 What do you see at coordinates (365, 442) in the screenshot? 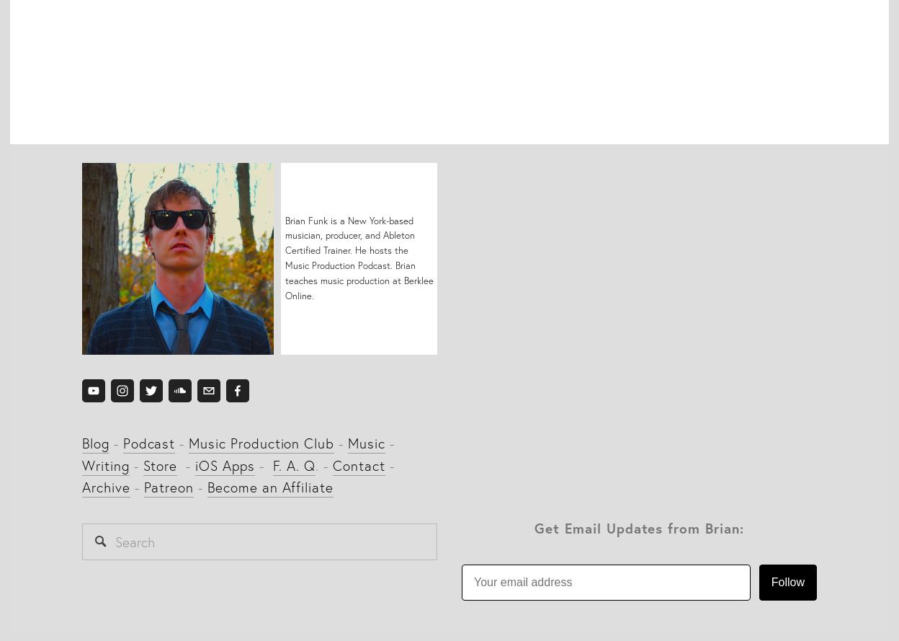
I see `'Music'` at bounding box center [365, 442].